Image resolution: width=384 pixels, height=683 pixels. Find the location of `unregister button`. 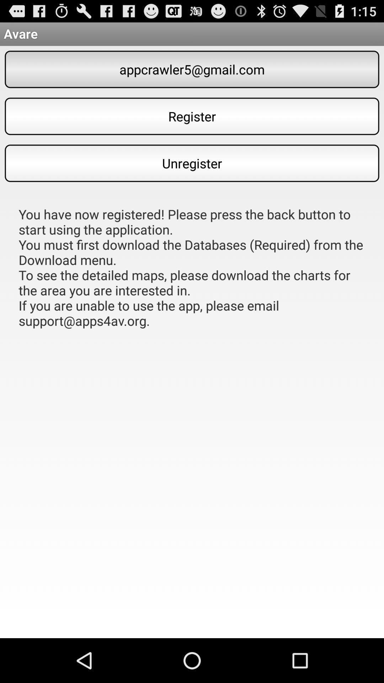

unregister button is located at coordinates (192, 163).